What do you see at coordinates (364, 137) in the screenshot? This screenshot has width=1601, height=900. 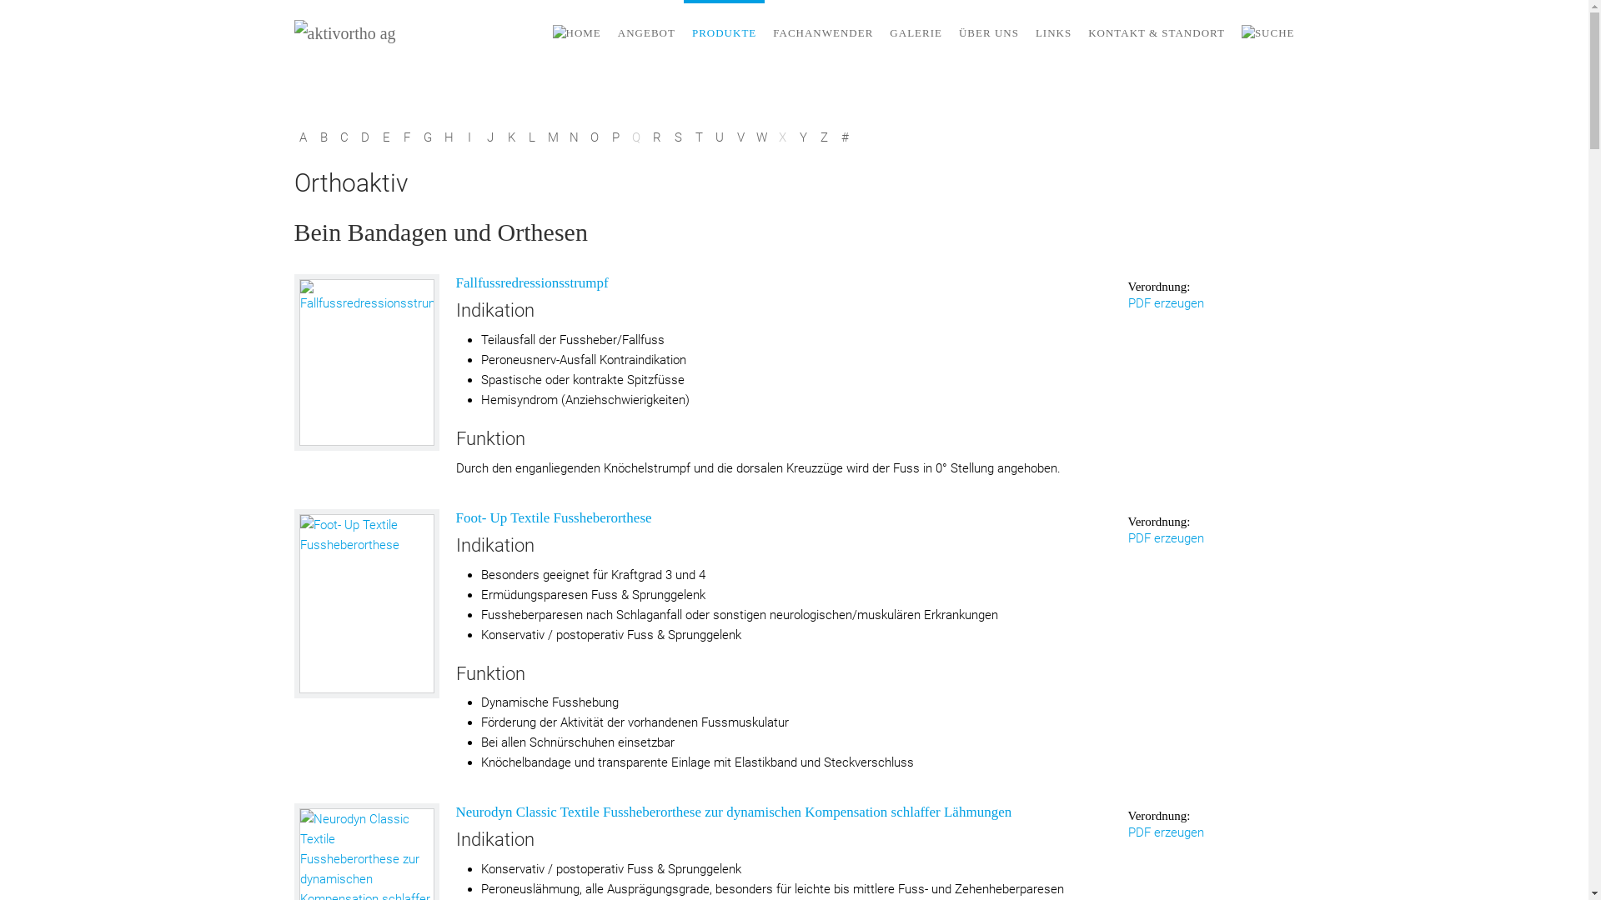 I see `'D'` at bounding box center [364, 137].